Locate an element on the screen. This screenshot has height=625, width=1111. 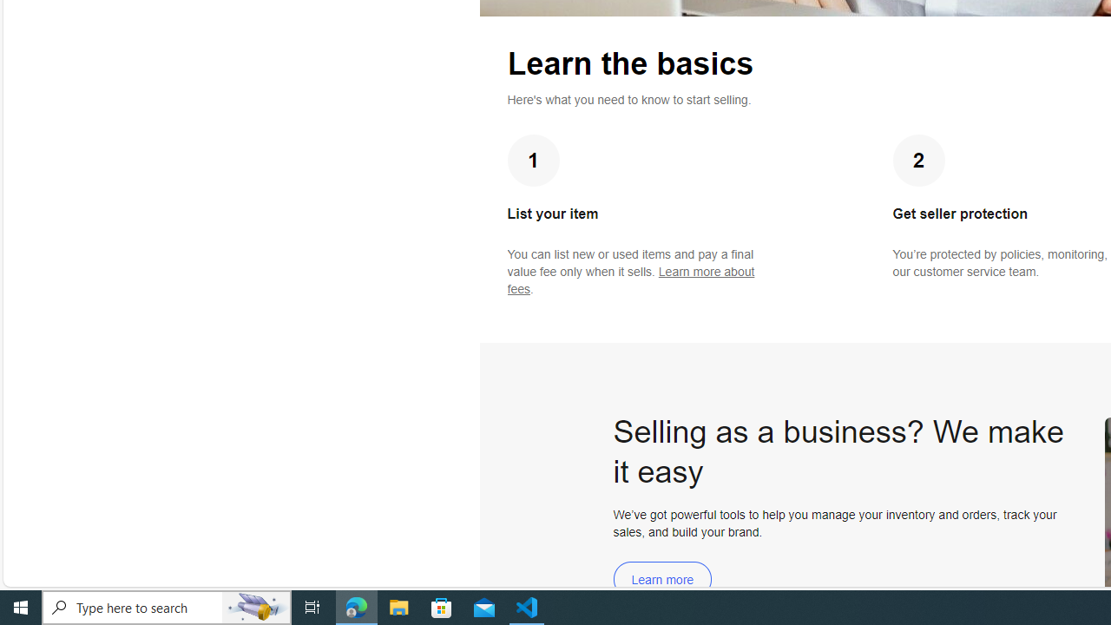
'Learn more about fees - opens in new window or tab.' is located at coordinates (630, 280).